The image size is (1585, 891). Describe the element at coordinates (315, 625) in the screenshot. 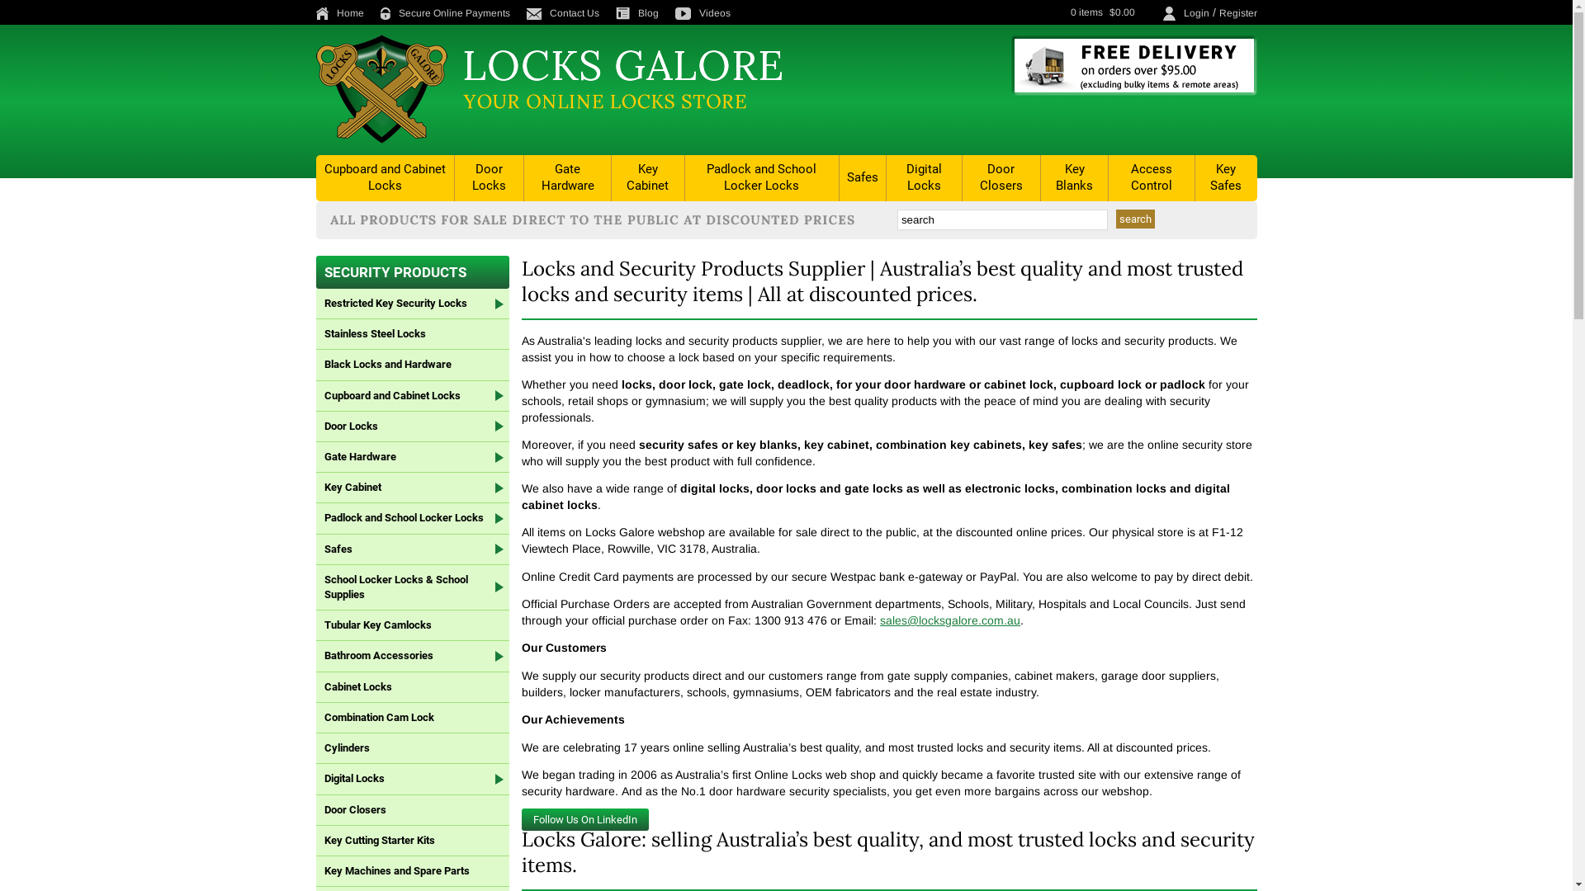

I see `'Tubular Key Camlocks'` at that location.